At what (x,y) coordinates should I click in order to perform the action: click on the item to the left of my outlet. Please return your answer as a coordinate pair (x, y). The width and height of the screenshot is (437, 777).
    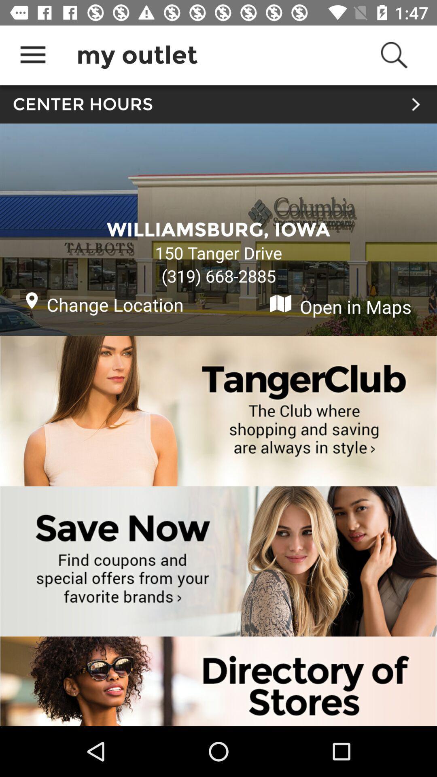
    Looking at the image, I should click on (32, 55).